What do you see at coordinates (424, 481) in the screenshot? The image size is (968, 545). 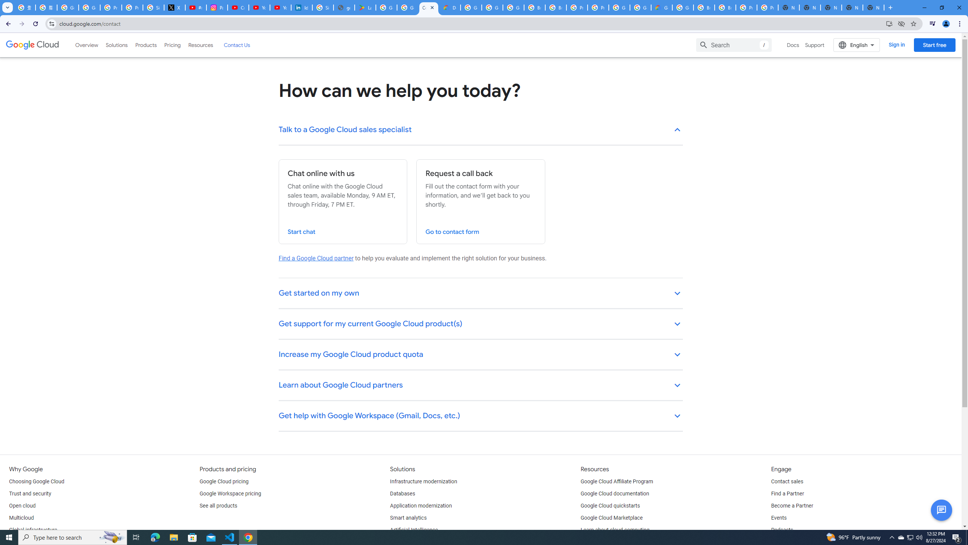 I see `'Infrastructure modernization'` at bounding box center [424, 481].